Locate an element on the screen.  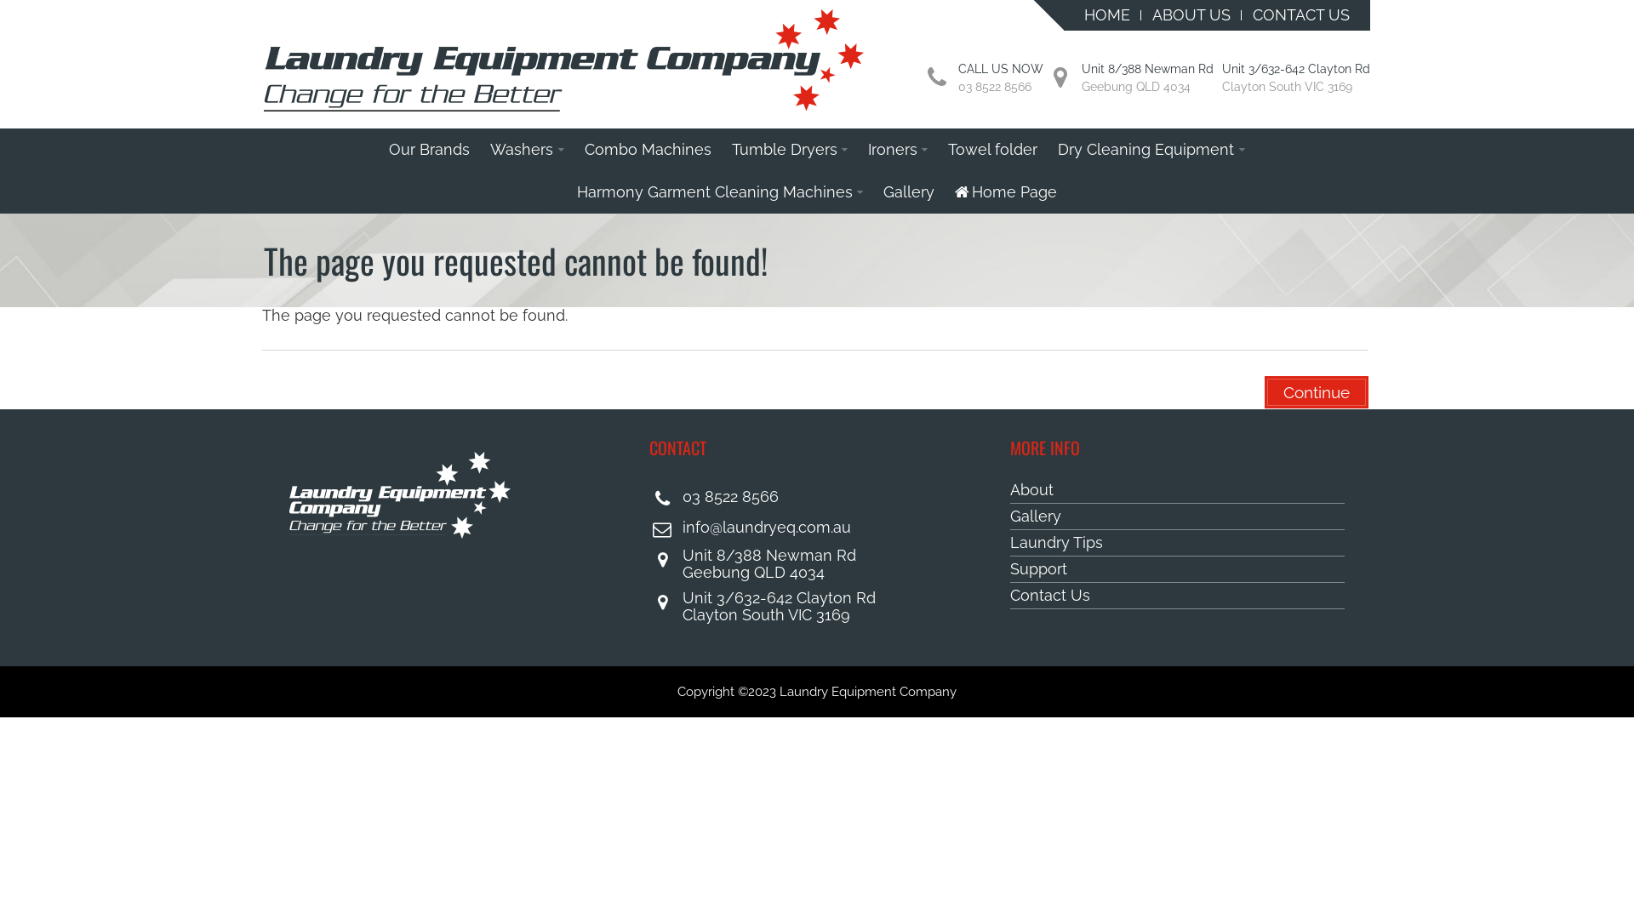
'Unit 8/388 Newman Rd is located at coordinates (1147, 77).